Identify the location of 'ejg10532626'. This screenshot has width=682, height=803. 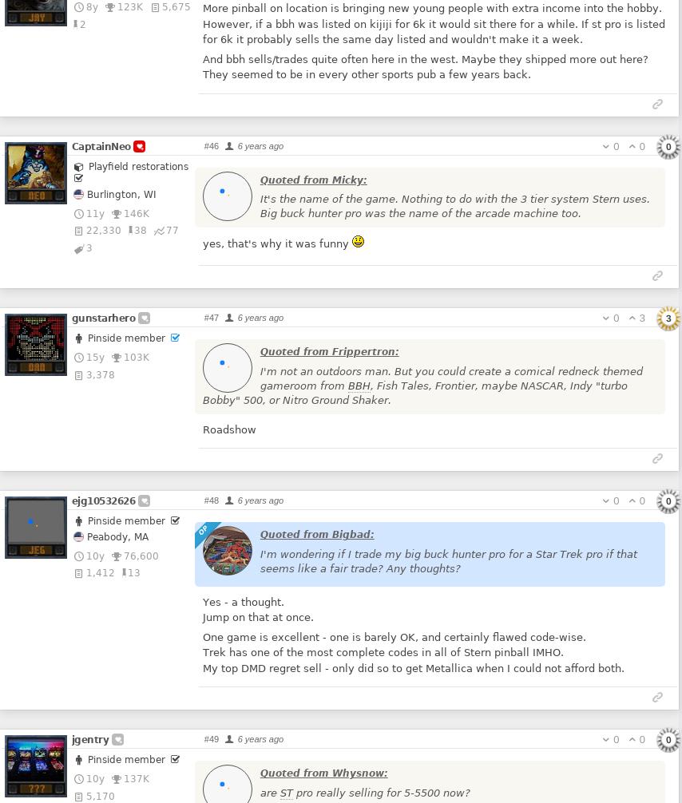
(102, 501).